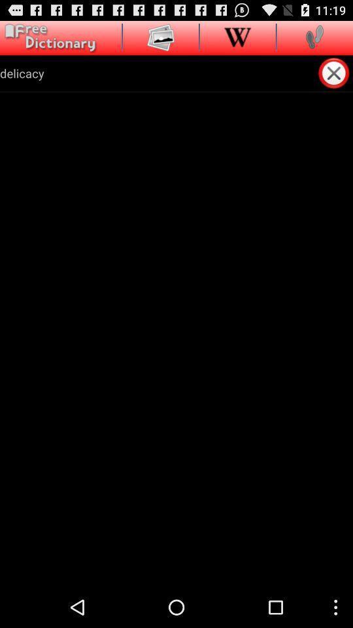 This screenshot has width=353, height=628. Describe the element at coordinates (48, 37) in the screenshot. I see `open the dictionary` at that location.